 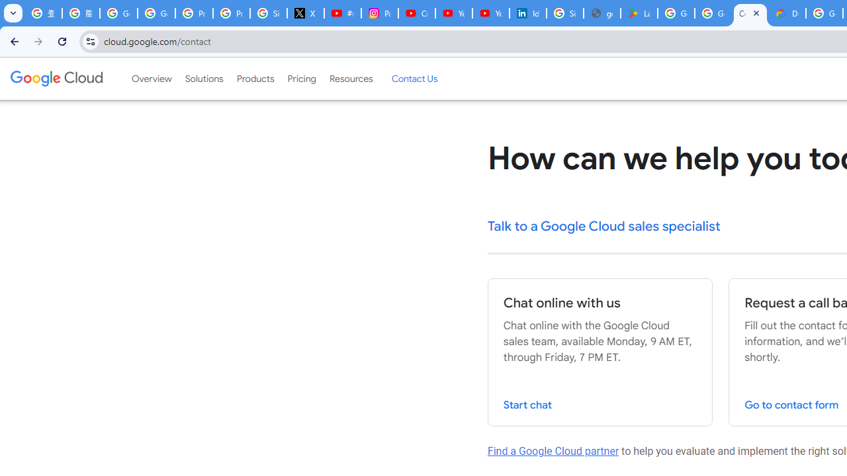 I want to click on 'Google Workspace - Specific Terms', so click(x=712, y=13).